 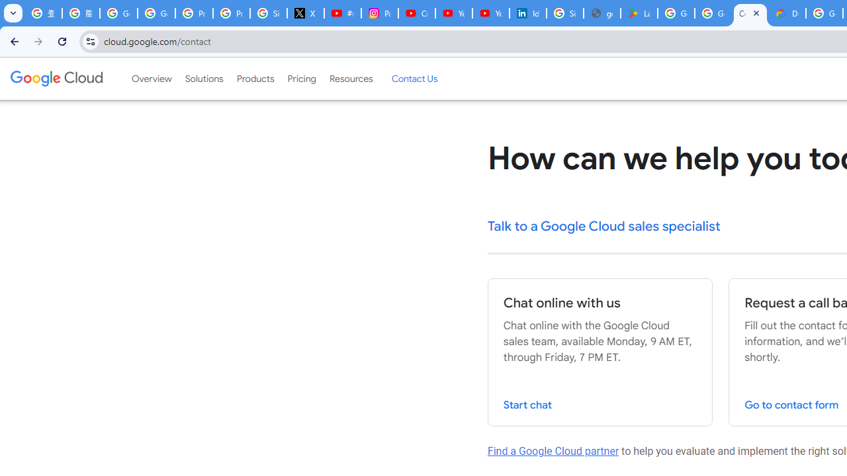 I want to click on 'Google Workspace - Specific Terms', so click(x=712, y=13).